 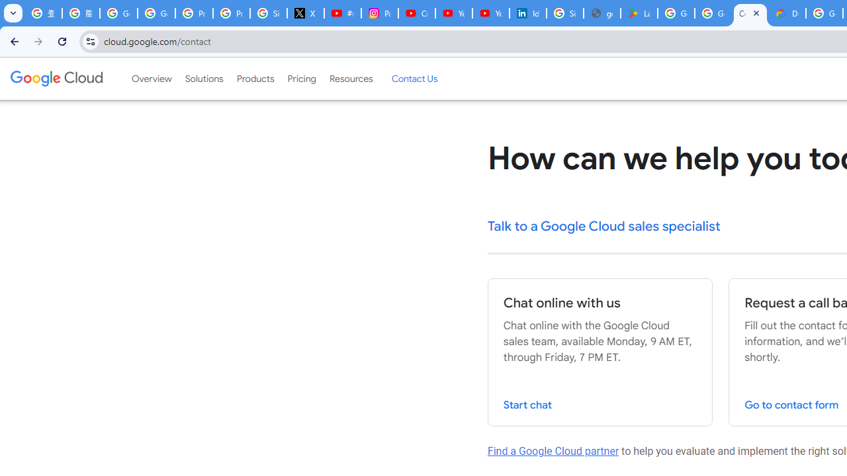 I want to click on 'Google Workspace - Specific Terms', so click(x=712, y=13).